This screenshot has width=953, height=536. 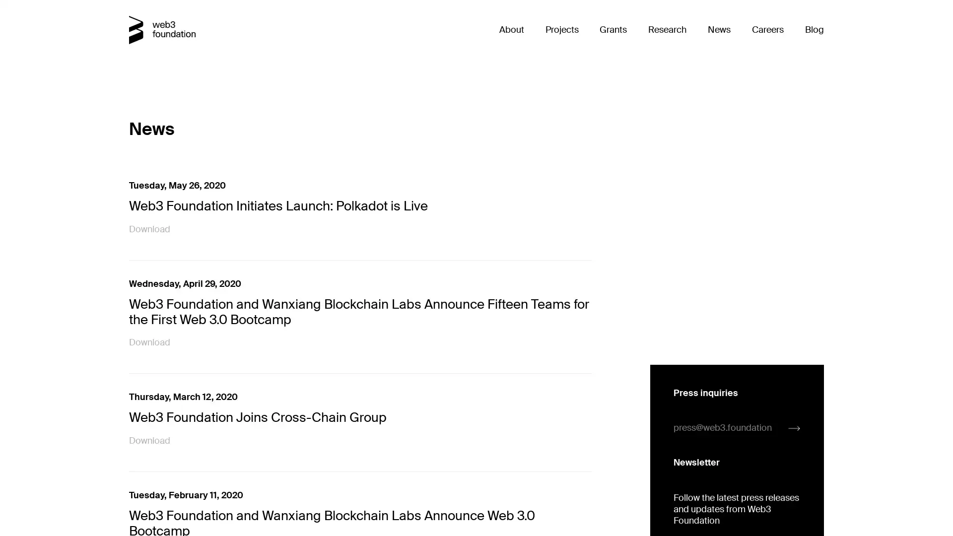 What do you see at coordinates (695, 354) in the screenshot?
I see `Subscribe` at bounding box center [695, 354].